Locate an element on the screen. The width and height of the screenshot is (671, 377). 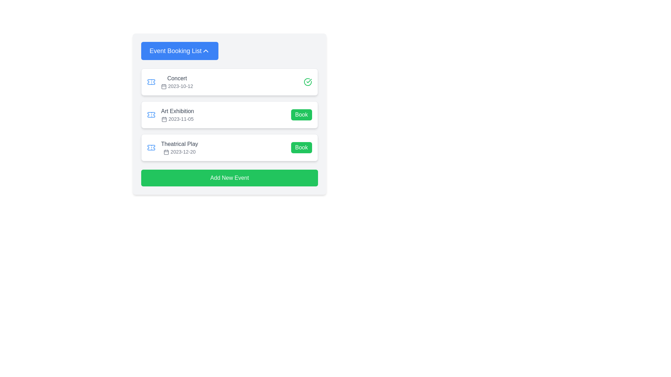
the calendar icon located to the left of the date '2023-12-20' in the 'Theatrical Play' section is located at coordinates (166, 152).